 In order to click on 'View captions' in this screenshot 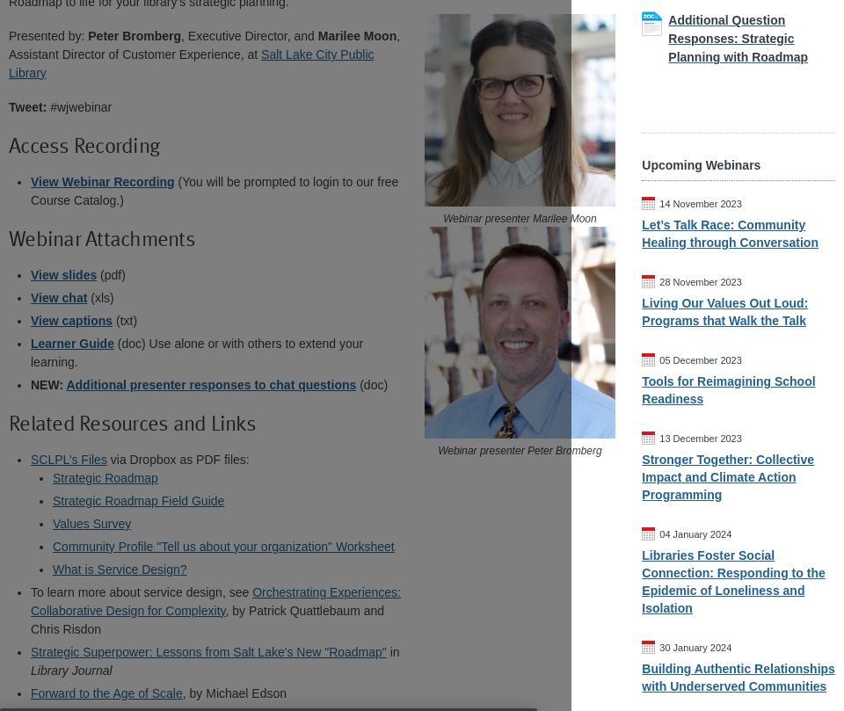, I will do `click(71, 321)`.